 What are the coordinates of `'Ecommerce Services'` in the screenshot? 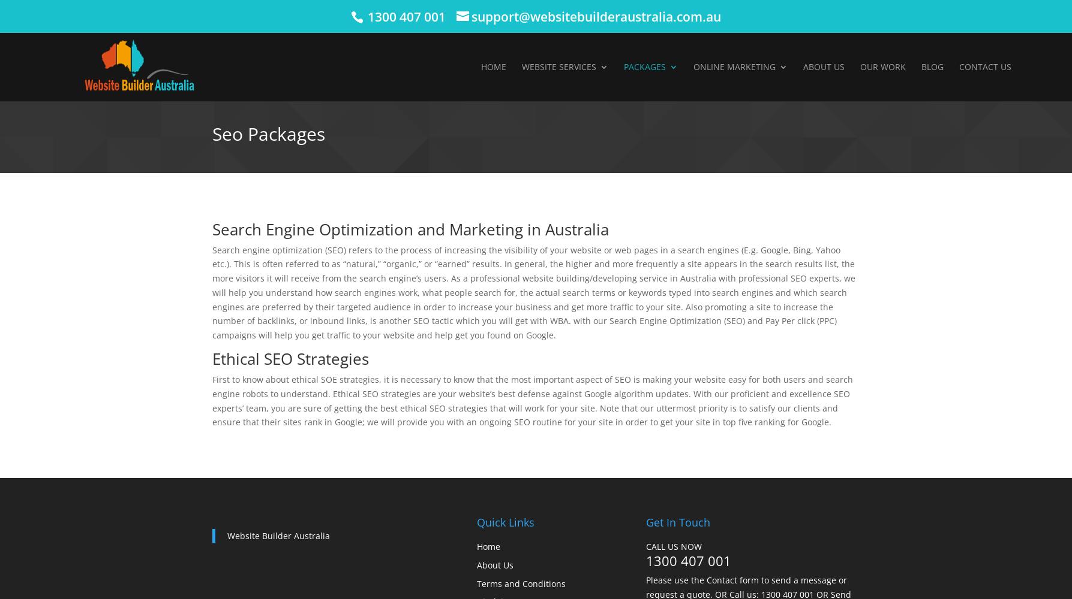 It's located at (591, 221).